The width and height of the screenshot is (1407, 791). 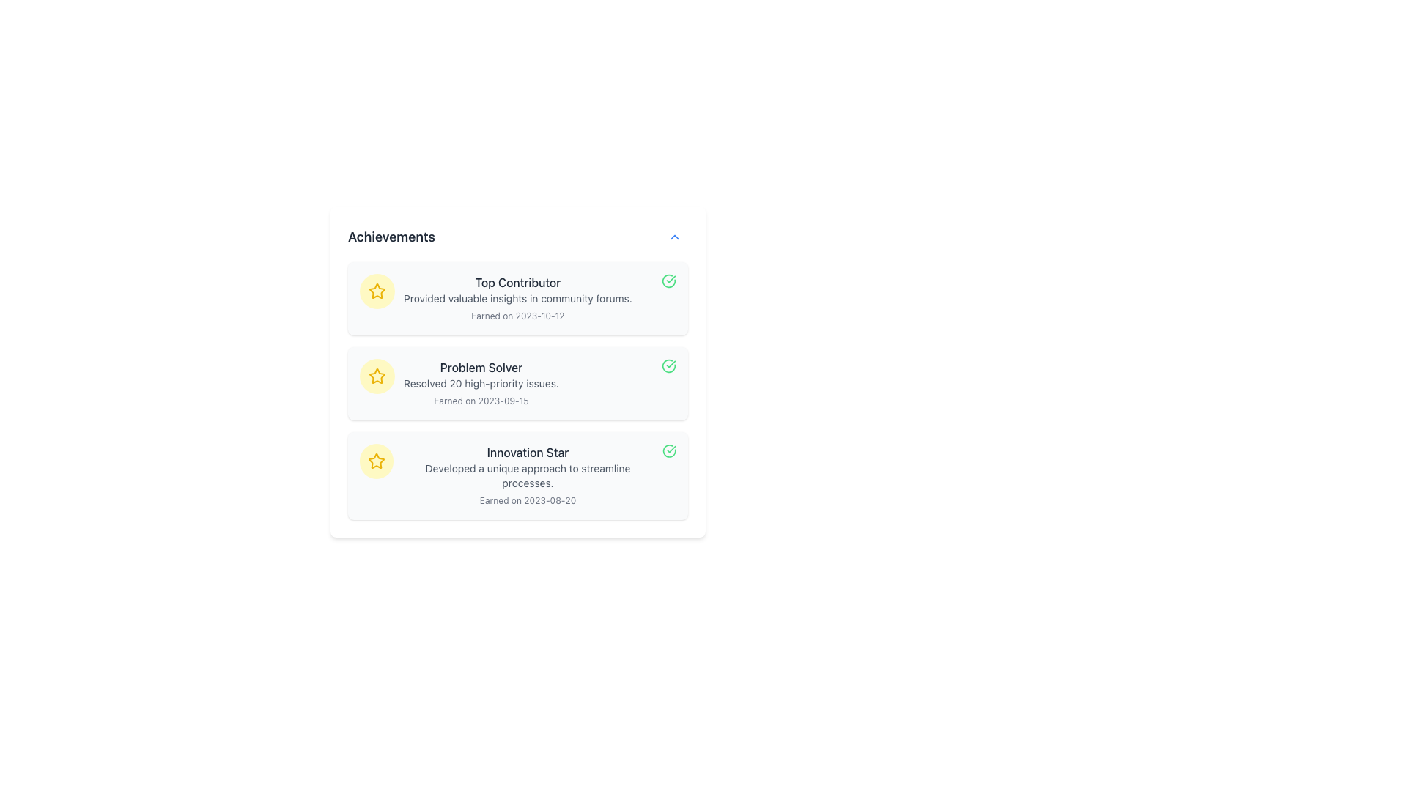 I want to click on the 'Problem Solver' achievement list item, which is the second entry in the achievements list, to potentially access adjacent elements like 'Top Contributor' and 'Innovation Star', so click(x=517, y=390).